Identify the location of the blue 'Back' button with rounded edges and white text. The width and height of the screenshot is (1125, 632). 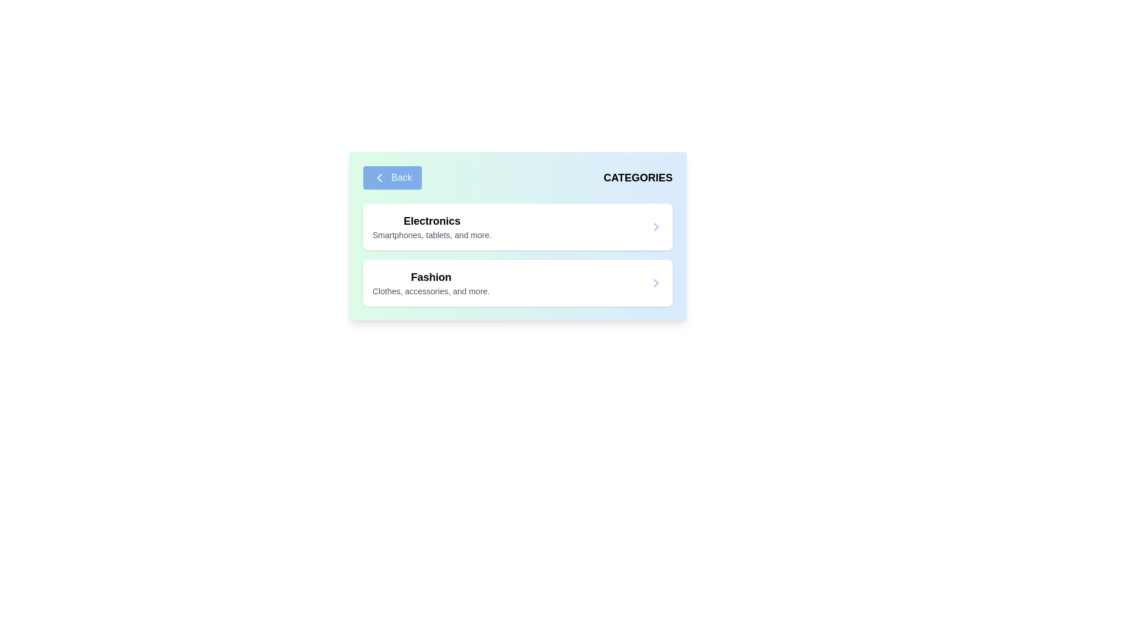
(392, 178).